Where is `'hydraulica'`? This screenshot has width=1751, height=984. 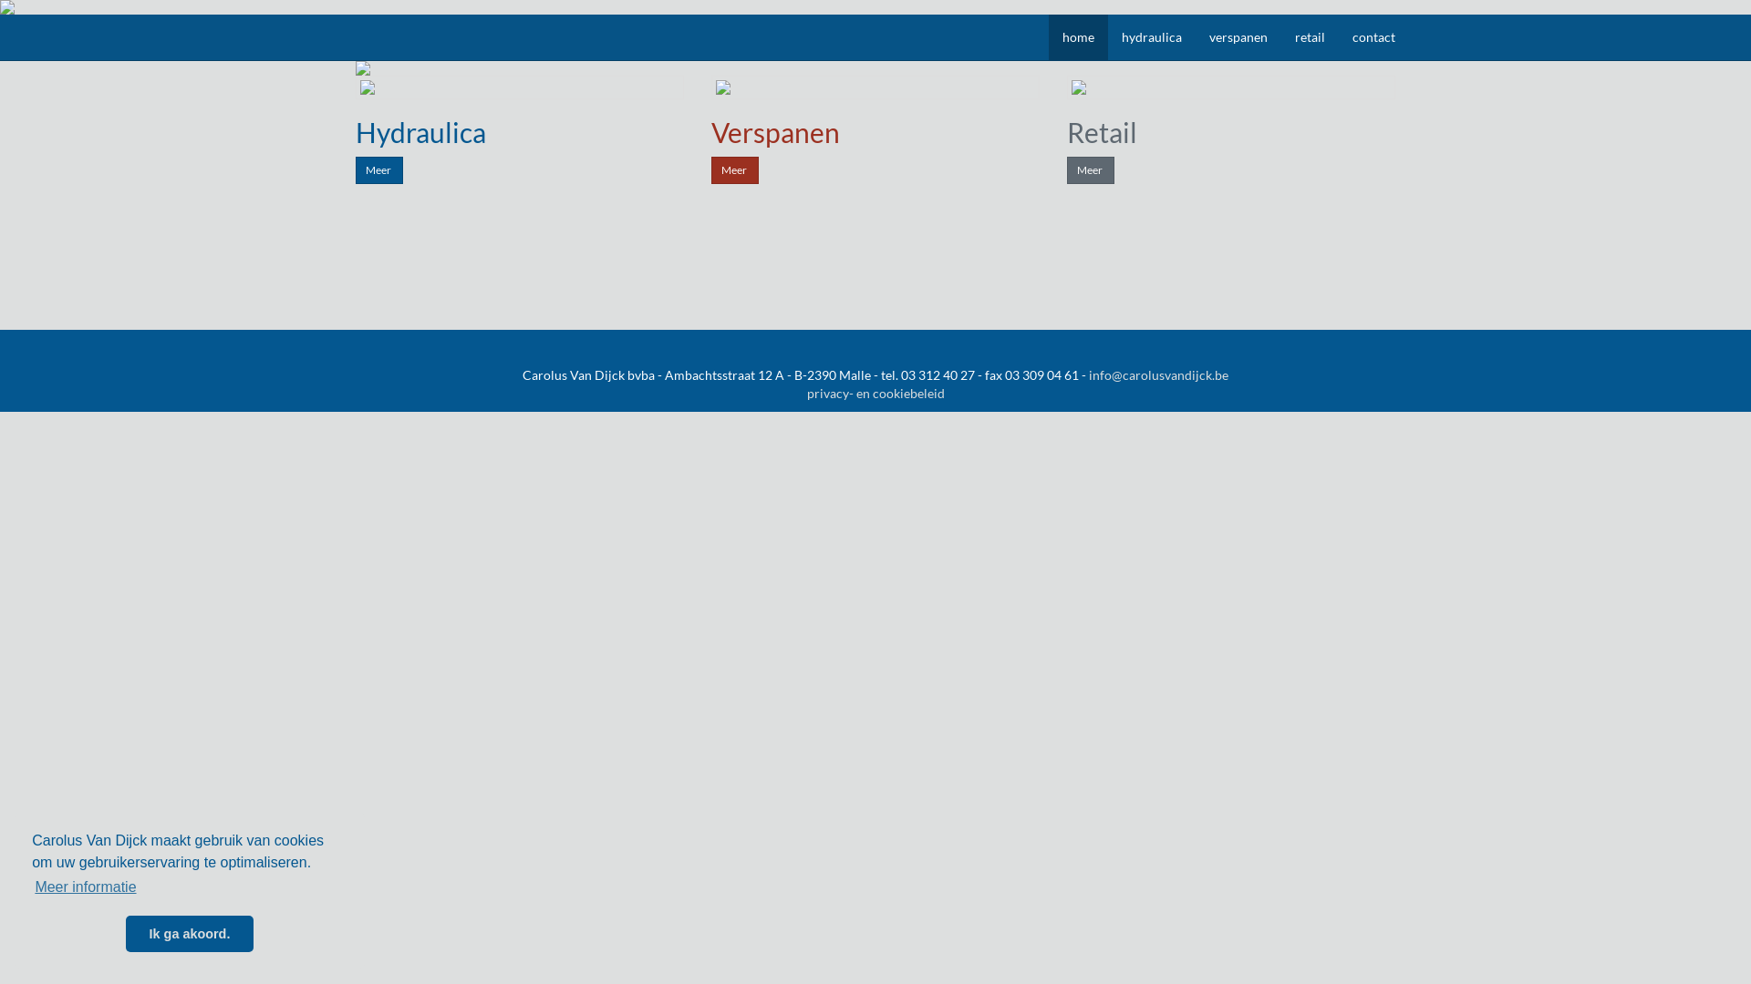 'hydraulica' is located at coordinates (1106, 37).